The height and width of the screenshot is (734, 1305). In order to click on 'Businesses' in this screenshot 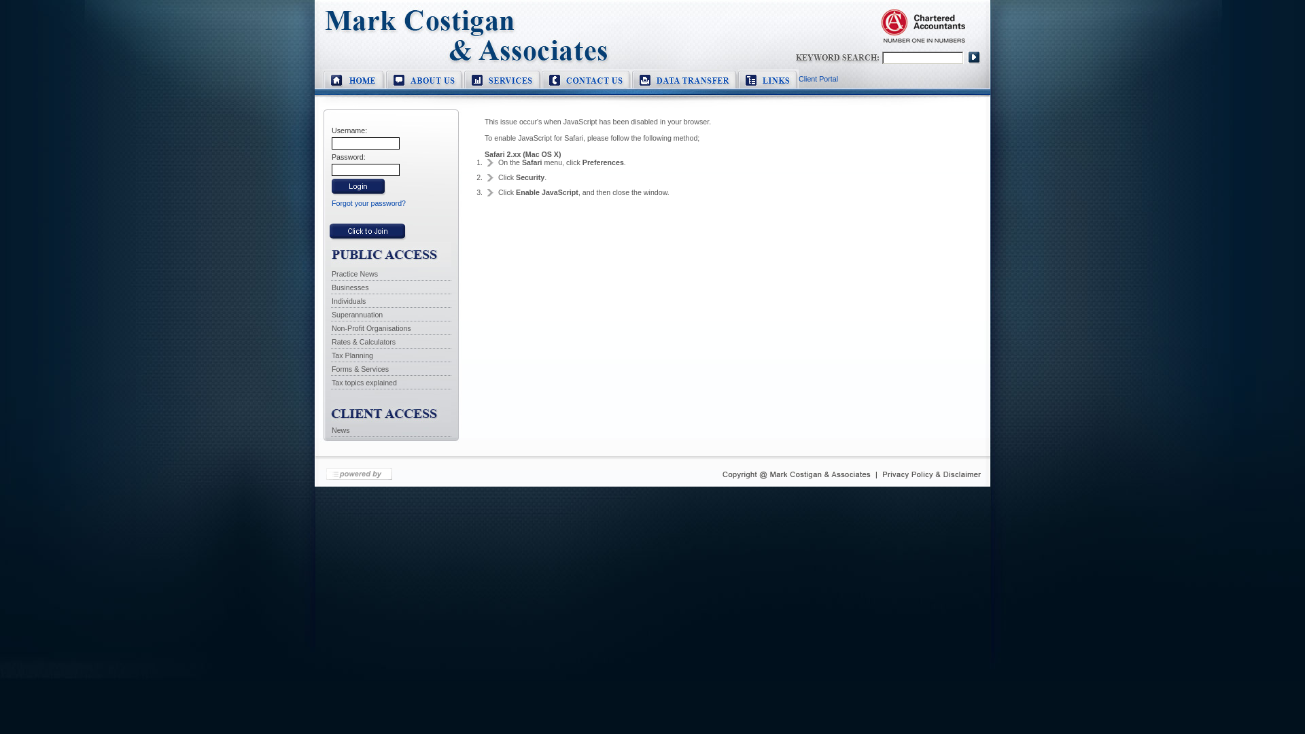, I will do `click(350, 287)`.